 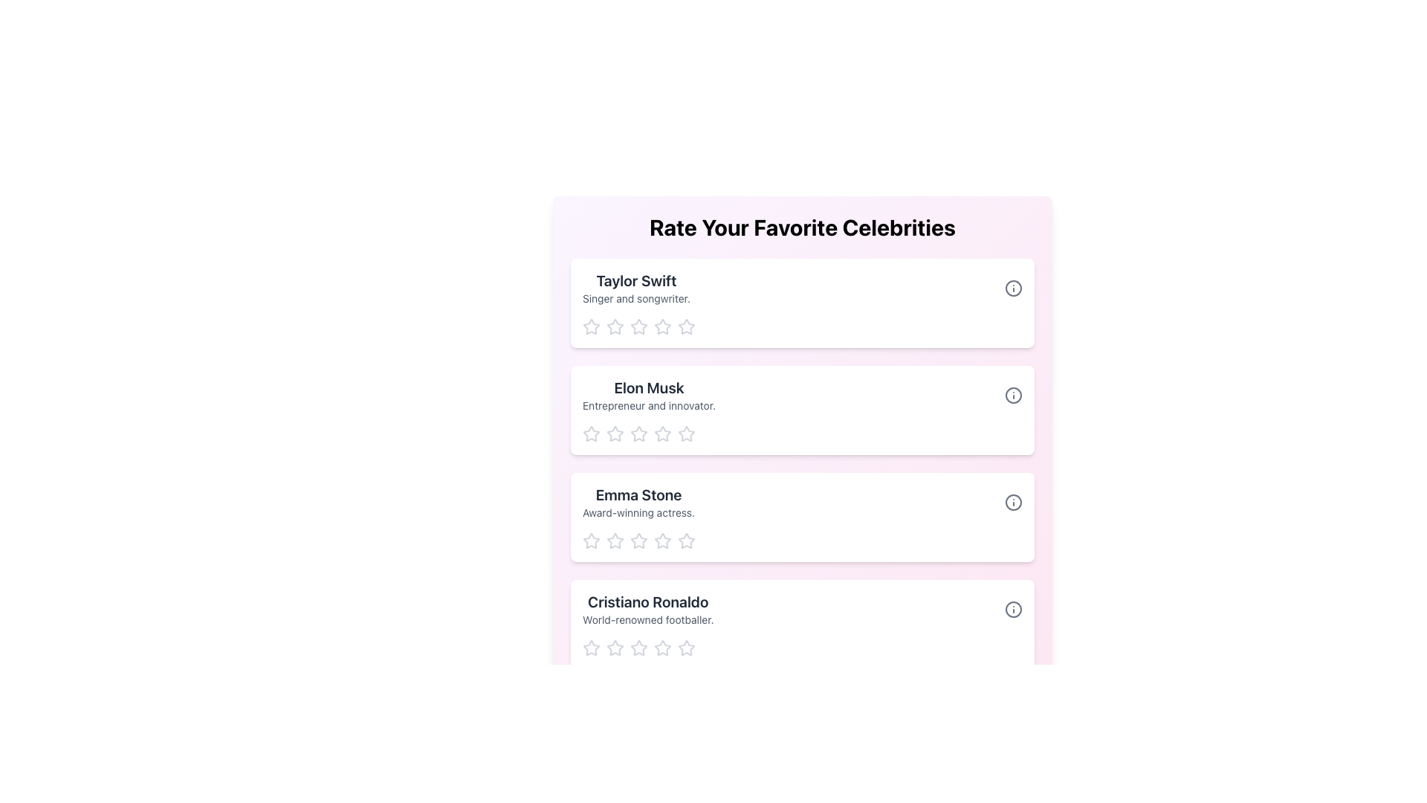 What do you see at coordinates (638, 326) in the screenshot?
I see `the first star icon in the rating system for 'Taylor Swift'` at bounding box center [638, 326].